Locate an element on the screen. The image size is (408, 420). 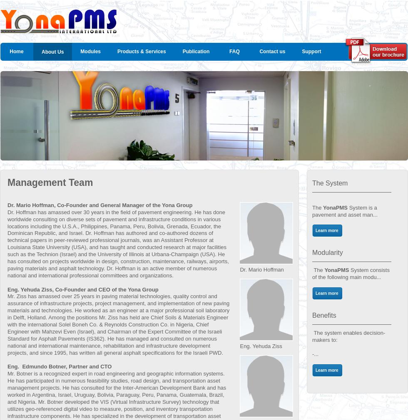
'Eng.  Edmundo Botner, Partner and CTO' is located at coordinates (59, 366).